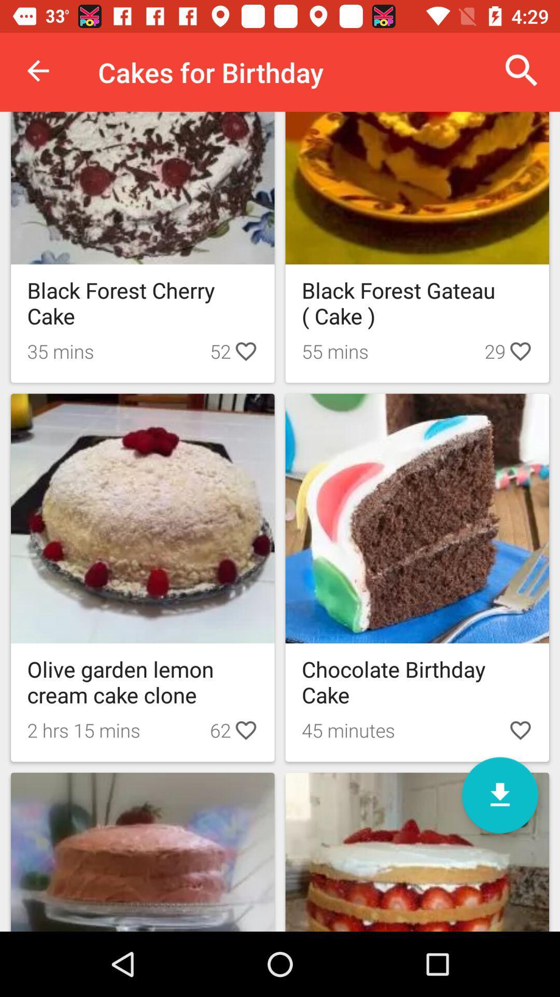 The height and width of the screenshot is (997, 560). I want to click on open downloads option, so click(499, 794).